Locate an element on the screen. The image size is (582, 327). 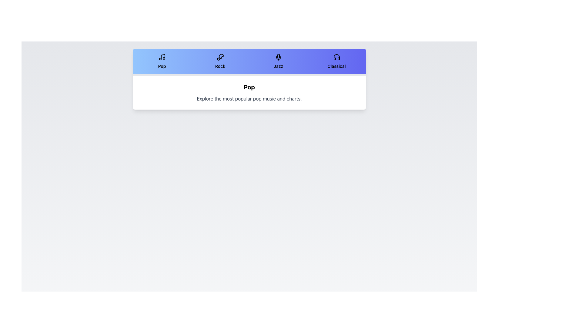
the 'Classical' option in the interactive navigation tab is located at coordinates (336, 61).